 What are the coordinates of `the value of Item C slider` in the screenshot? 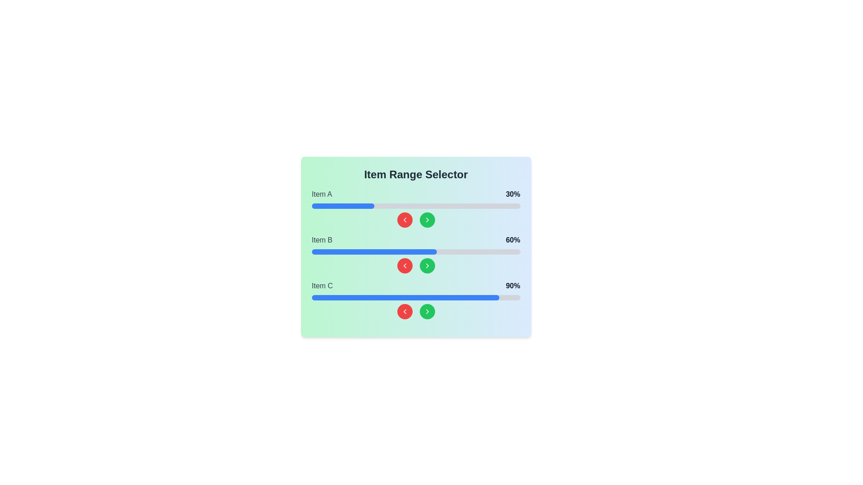 It's located at (395, 298).